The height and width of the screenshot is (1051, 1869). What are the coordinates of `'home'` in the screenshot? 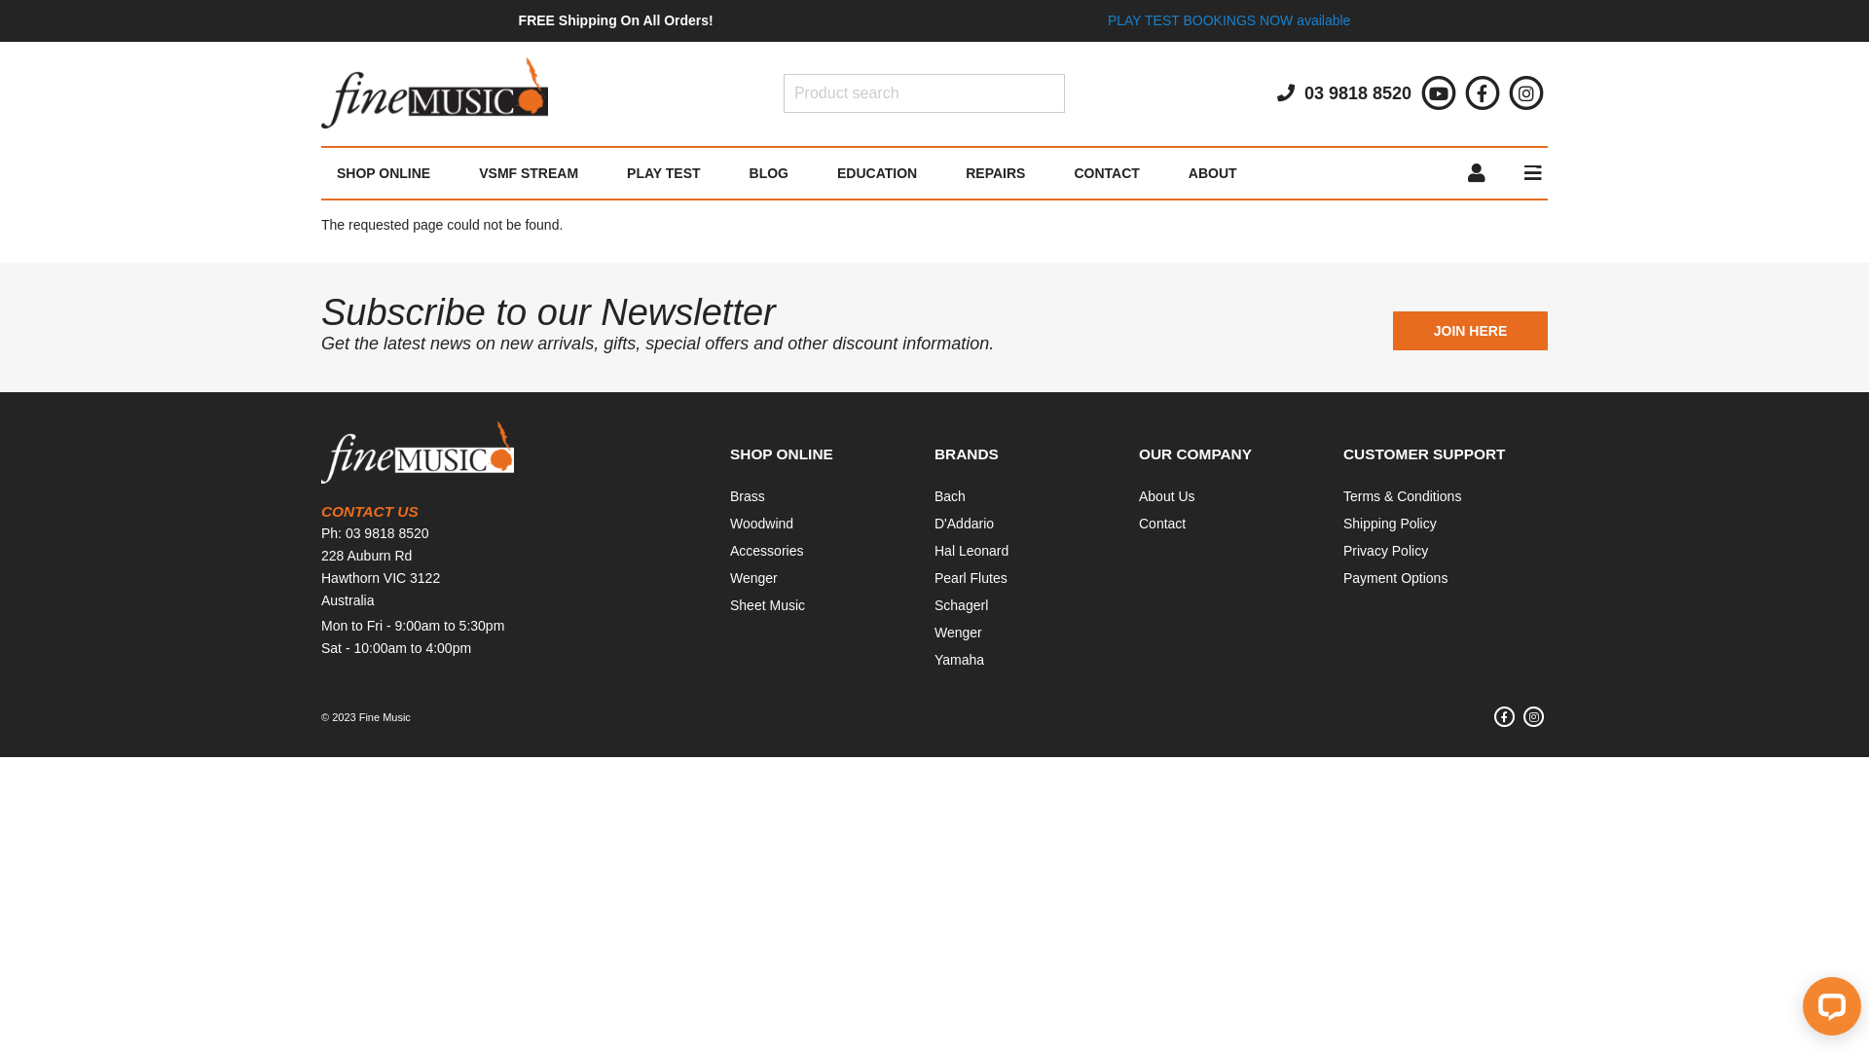 It's located at (433, 93).